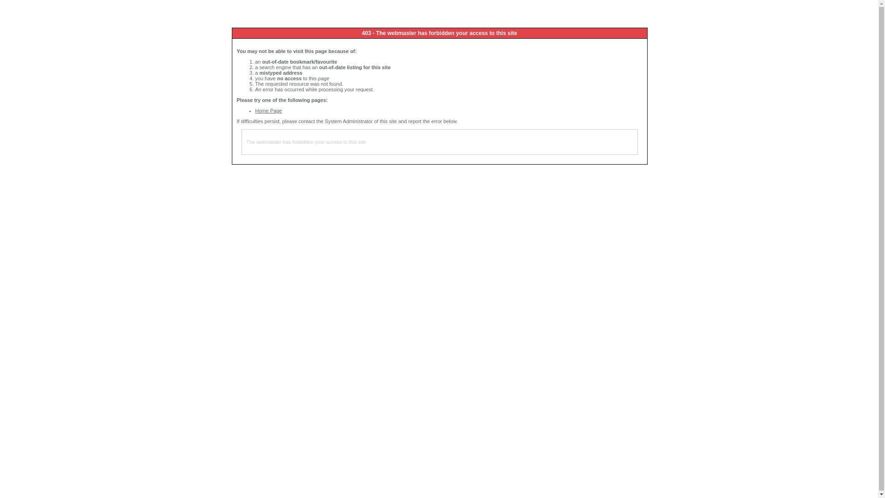 The height and width of the screenshot is (498, 885). Describe the element at coordinates (268, 110) in the screenshot. I see `'Home Page'` at that location.